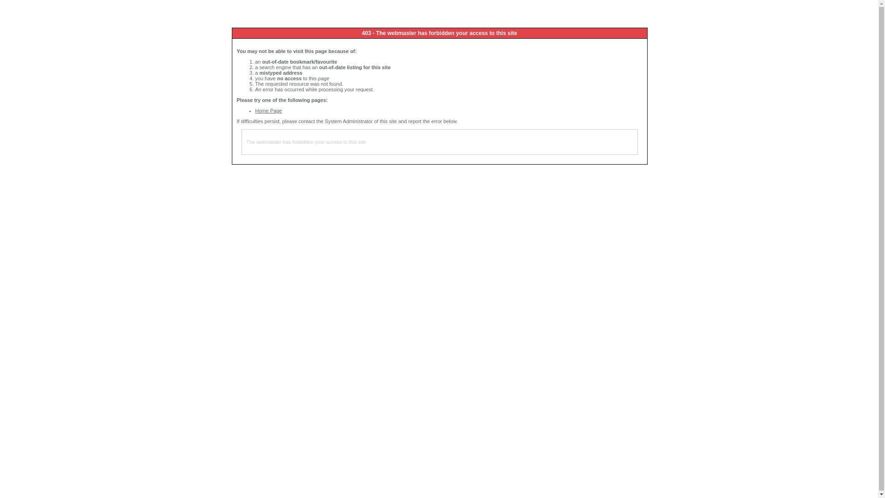 The height and width of the screenshot is (498, 885). Describe the element at coordinates (268, 110) in the screenshot. I see `'Home Page'` at that location.